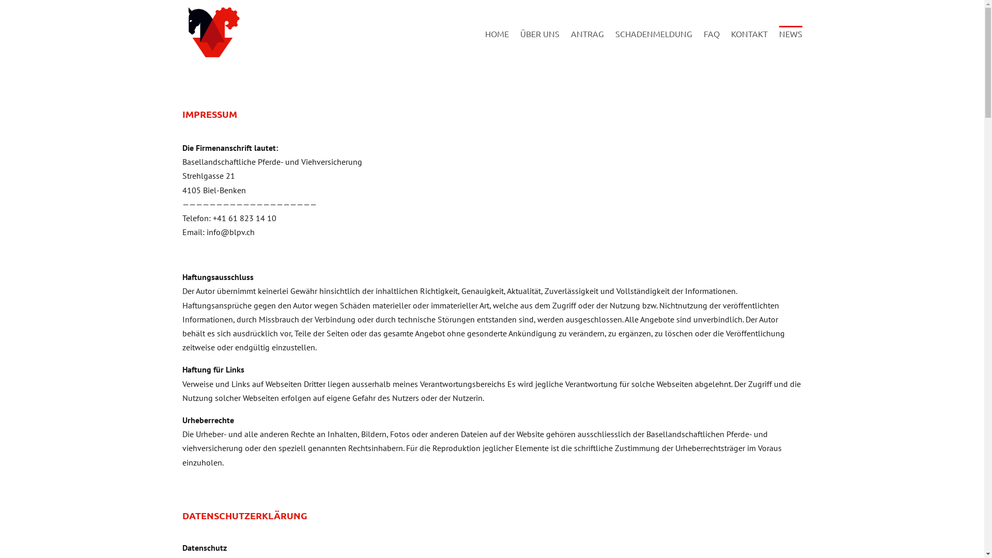  I want to click on 'SCHADENMELDUNG', so click(615, 45).